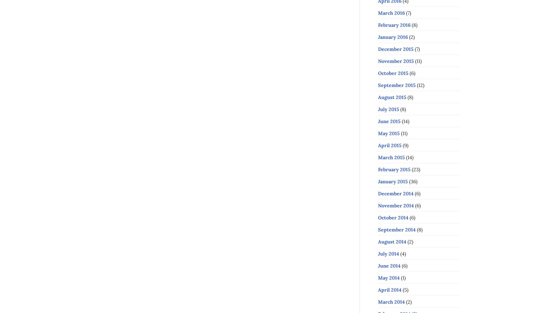 The image size is (539, 313). What do you see at coordinates (392, 181) in the screenshot?
I see `'January 2015'` at bounding box center [392, 181].